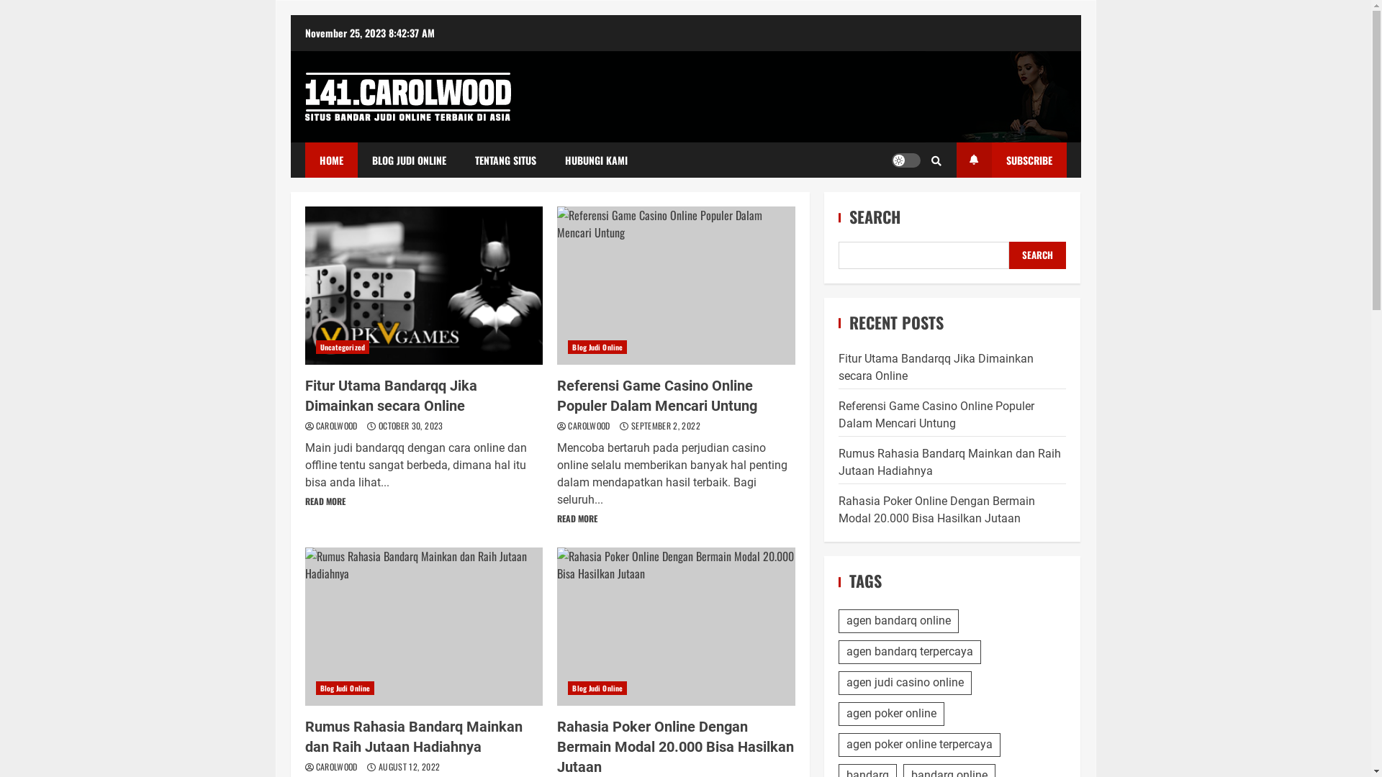  Describe the element at coordinates (337, 424) in the screenshot. I see `'CAROLWOOD'` at that location.